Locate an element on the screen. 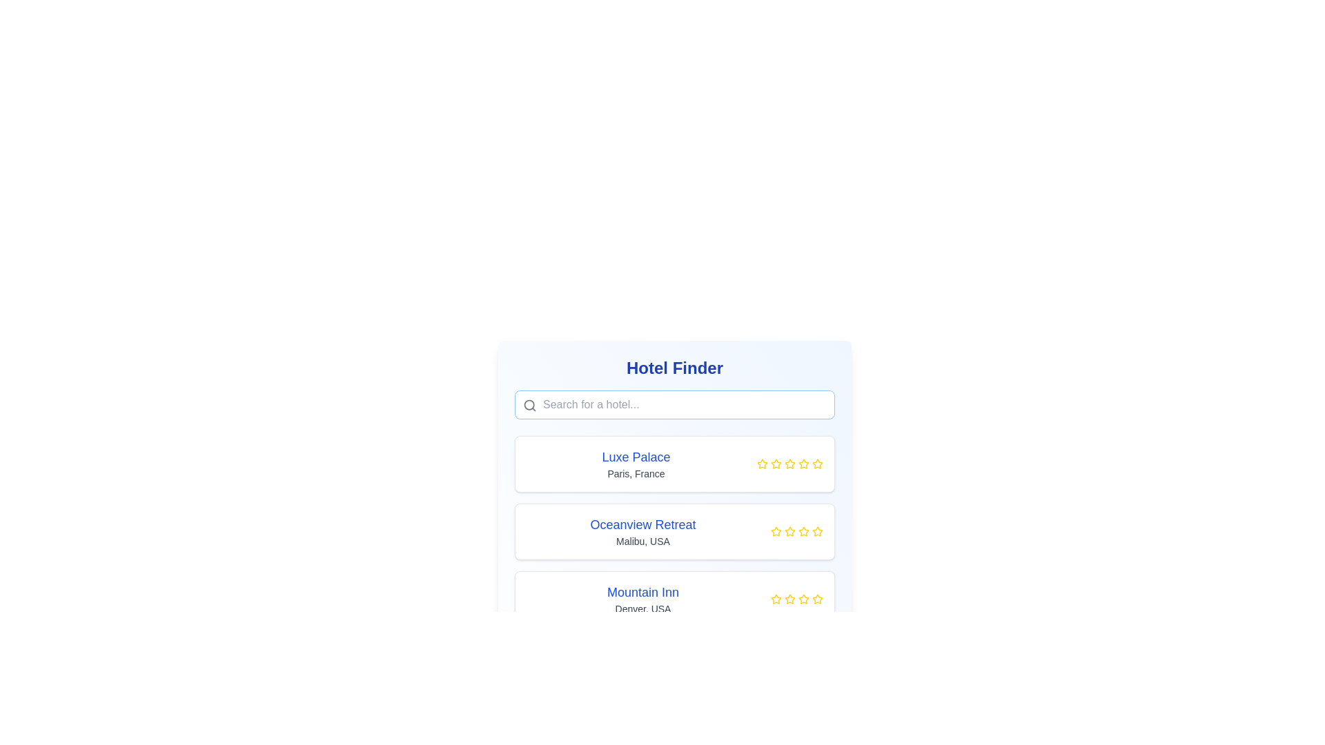 This screenshot has width=1325, height=745. the fifth star icon in the rating system to indicate a rating for 'Oceanview Retreat, Malibu, USA' is located at coordinates (804, 531).